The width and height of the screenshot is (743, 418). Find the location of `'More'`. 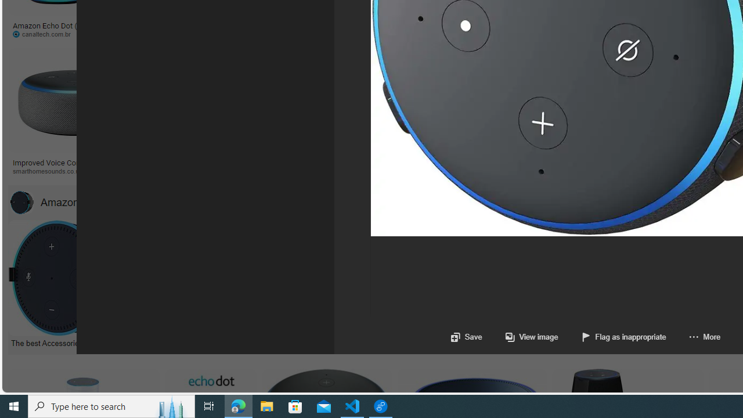

'More' is located at coordinates (704, 337).